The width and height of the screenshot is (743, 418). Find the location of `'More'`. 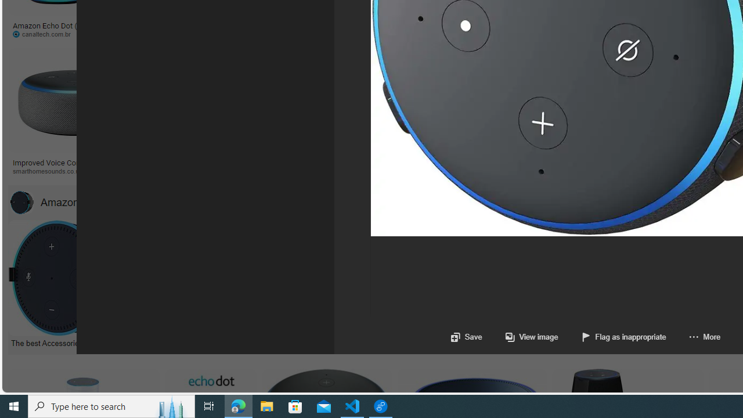

'More' is located at coordinates (704, 337).